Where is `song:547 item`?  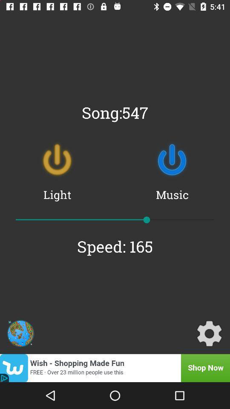 song:547 item is located at coordinates (115, 112).